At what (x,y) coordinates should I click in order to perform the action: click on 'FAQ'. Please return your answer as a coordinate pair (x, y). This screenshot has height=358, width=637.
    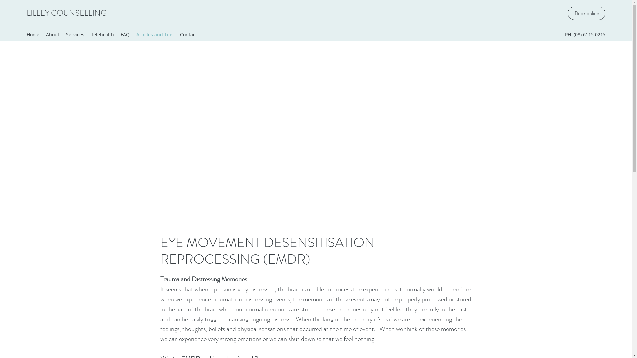
    Looking at the image, I should click on (117, 34).